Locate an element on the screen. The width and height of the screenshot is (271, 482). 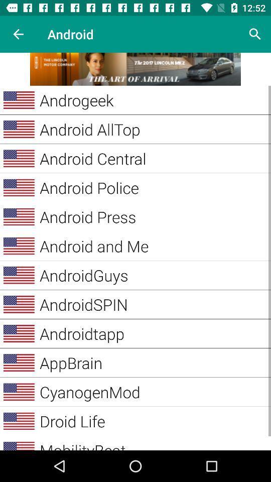
advertisement is located at coordinates (135, 68).